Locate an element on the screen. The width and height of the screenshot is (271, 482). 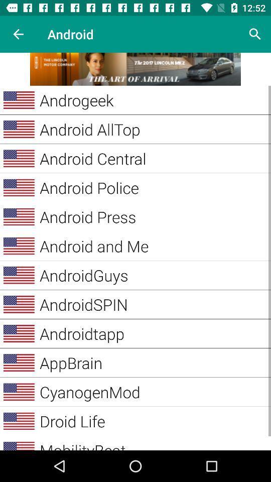
advertisement is located at coordinates (135, 68).